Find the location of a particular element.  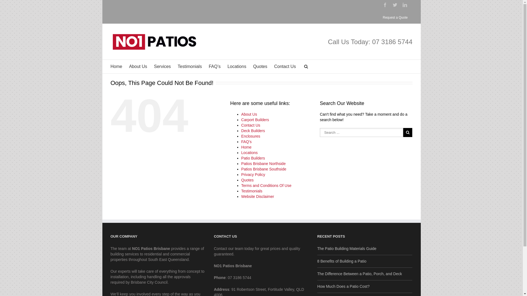

'Testimonials' is located at coordinates (251, 191).